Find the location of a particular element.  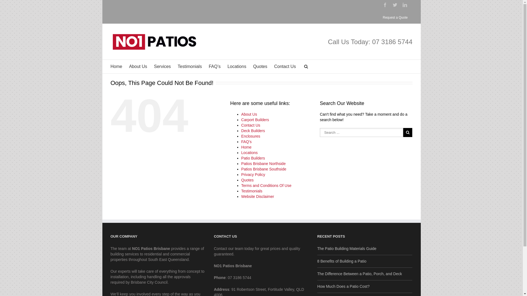

'Testimonials' is located at coordinates (251, 191).